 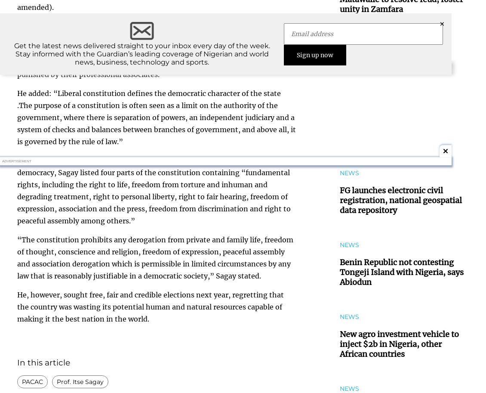 What do you see at coordinates (156, 117) in the screenshot?
I see `'He added: “Liberal constitution defines the democratic character of the state .The purpose of a constitution is often seen as a limit on the authority of the government, where there is separation of powers, an independent judiciary and a system of checks and balances between branches of government, and above all, it is governed by the rule of law.”'` at bounding box center [156, 117].